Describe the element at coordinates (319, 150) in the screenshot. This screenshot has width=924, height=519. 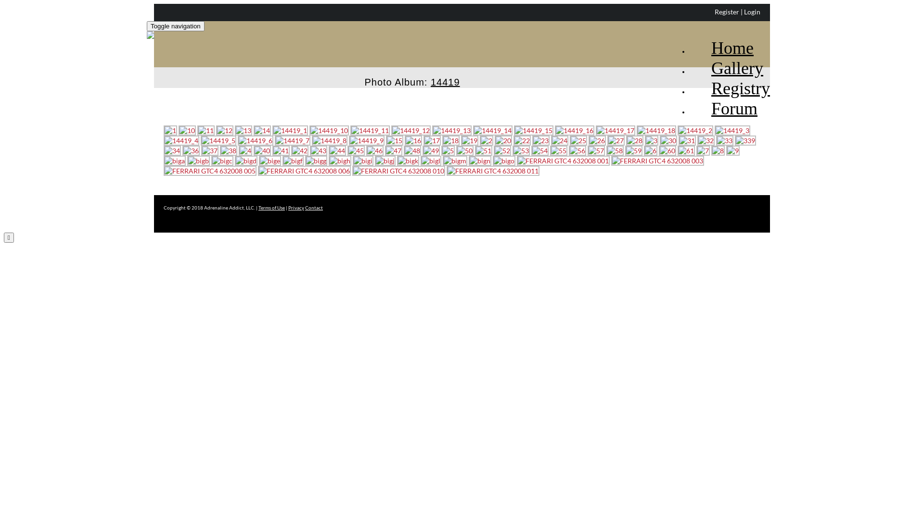
I see `'43 (click to enlarge)'` at that location.